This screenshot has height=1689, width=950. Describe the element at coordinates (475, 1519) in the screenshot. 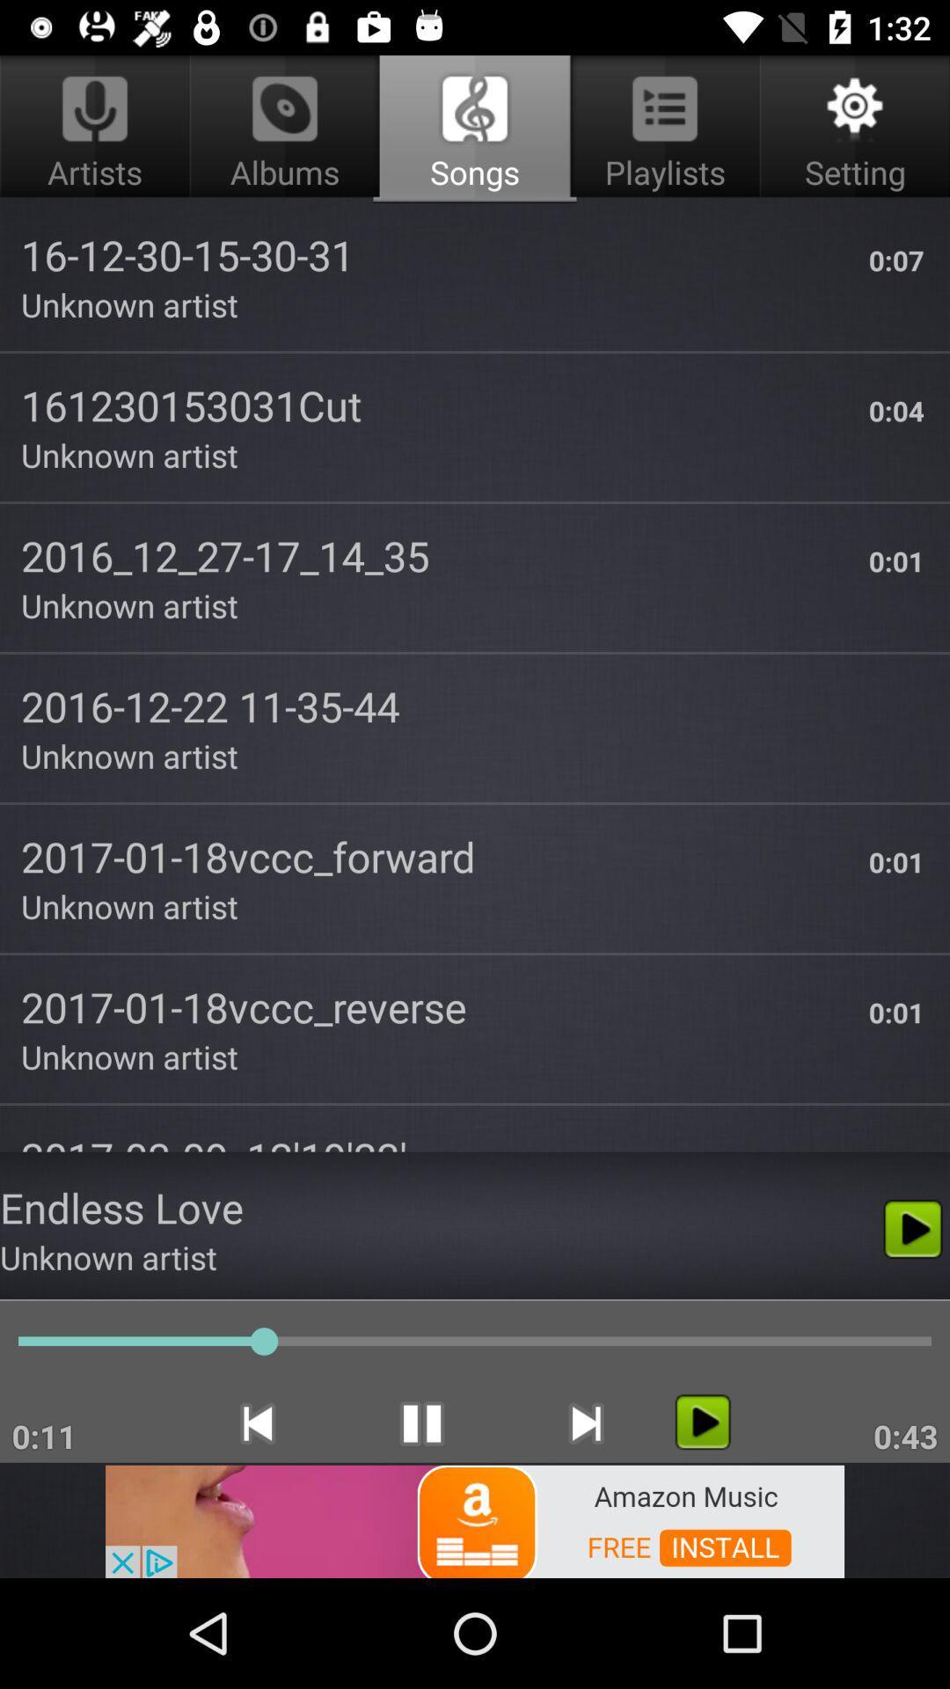

I see `open advertisement` at that location.